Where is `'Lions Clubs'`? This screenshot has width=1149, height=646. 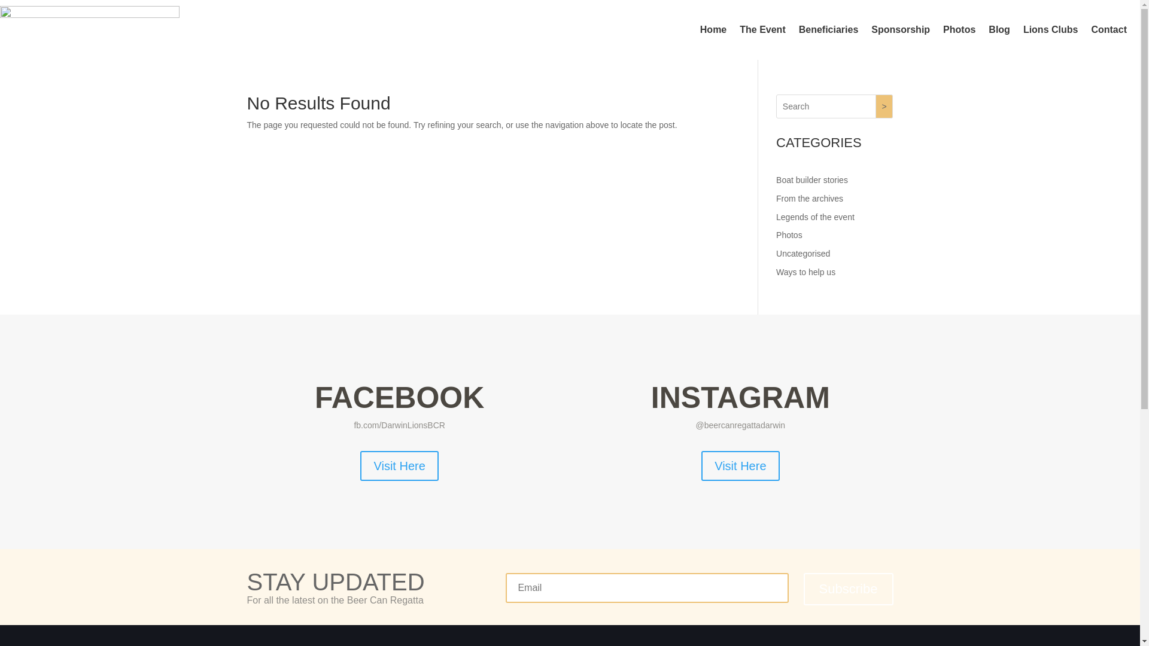
'Lions Clubs' is located at coordinates (1050, 29).